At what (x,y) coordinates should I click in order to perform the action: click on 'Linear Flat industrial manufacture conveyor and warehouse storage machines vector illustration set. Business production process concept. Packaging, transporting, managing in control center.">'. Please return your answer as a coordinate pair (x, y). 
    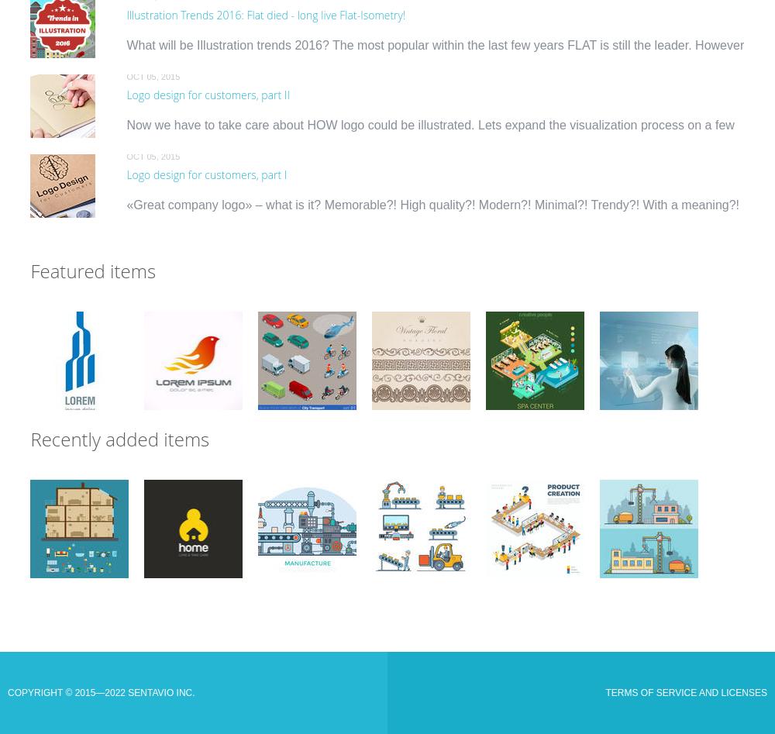
    Looking at the image, I should click on (371, 575).